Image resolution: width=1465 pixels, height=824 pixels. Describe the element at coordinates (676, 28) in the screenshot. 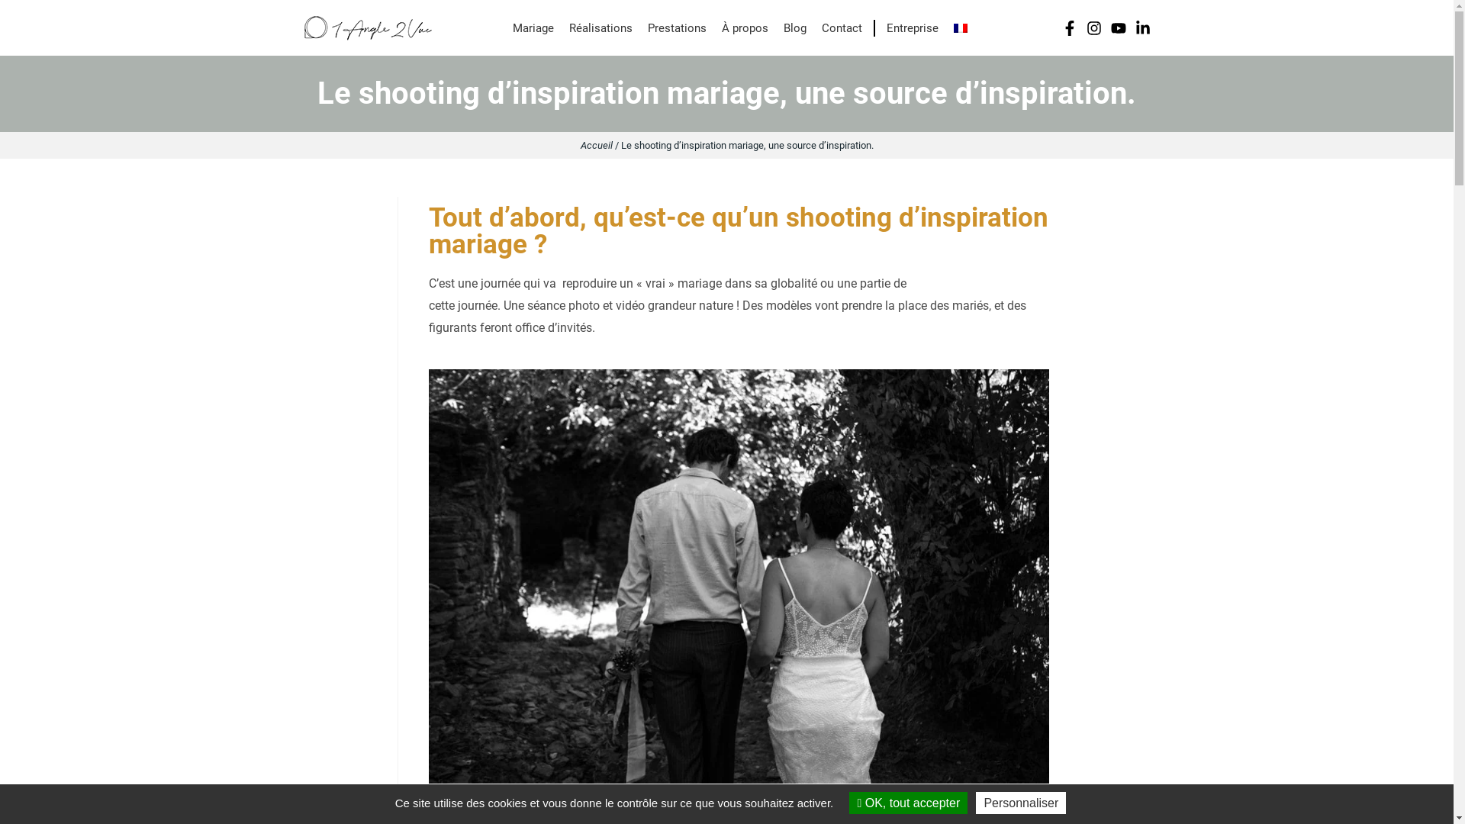

I see `'Prestations'` at that location.